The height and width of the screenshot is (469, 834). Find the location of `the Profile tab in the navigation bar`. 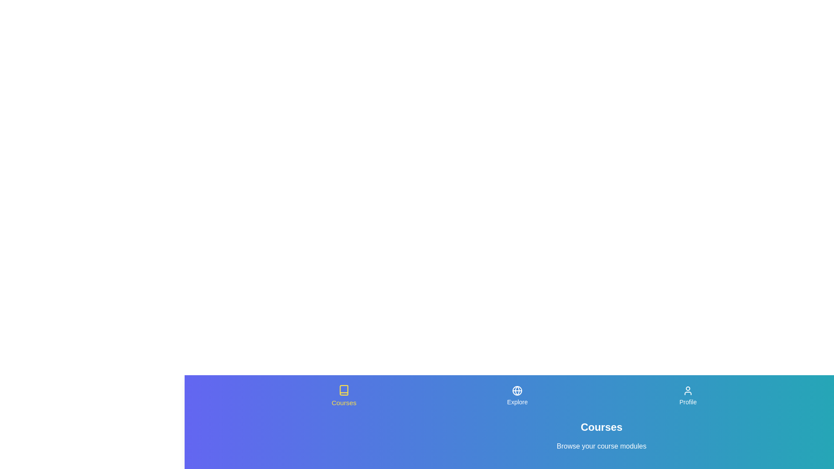

the Profile tab in the navigation bar is located at coordinates (688, 396).